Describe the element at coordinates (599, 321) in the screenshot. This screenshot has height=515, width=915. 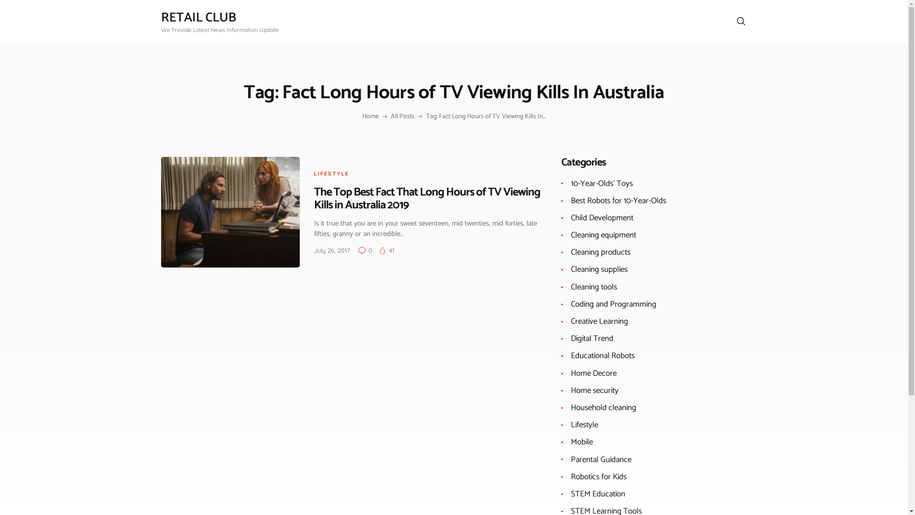
I see `'Creative Learning'` at that location.